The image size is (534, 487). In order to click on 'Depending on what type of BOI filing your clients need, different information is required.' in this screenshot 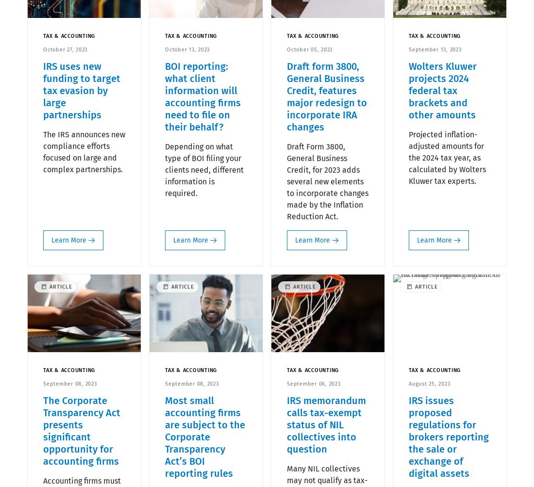, I will do `click(203, 169)`.